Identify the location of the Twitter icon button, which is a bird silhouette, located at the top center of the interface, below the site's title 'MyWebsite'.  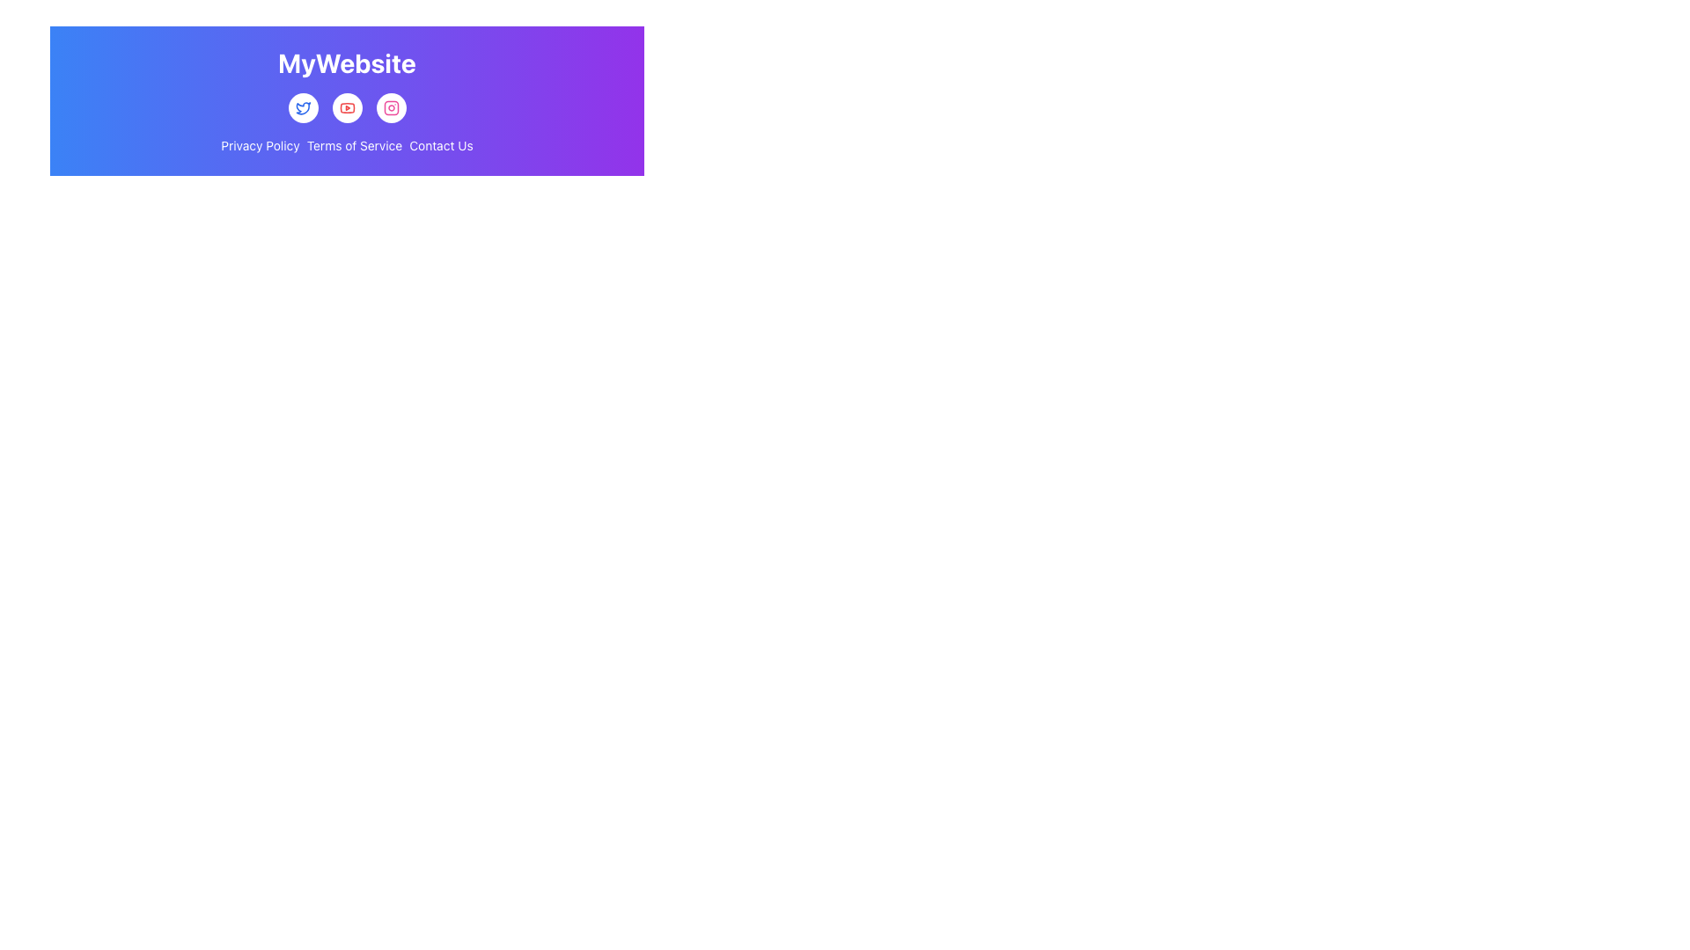
(303, 108).